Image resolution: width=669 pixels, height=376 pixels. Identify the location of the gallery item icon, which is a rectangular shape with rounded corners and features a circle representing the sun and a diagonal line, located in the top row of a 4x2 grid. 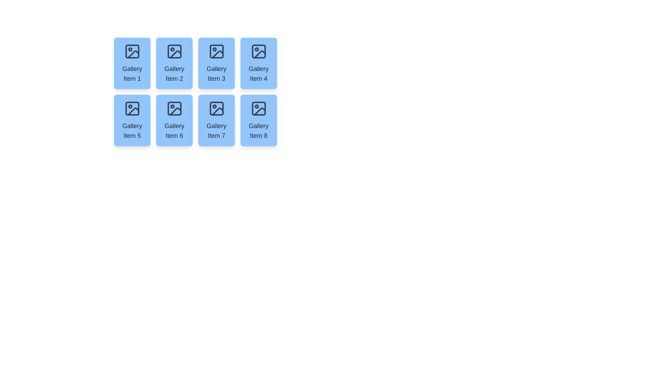
(216, 51).